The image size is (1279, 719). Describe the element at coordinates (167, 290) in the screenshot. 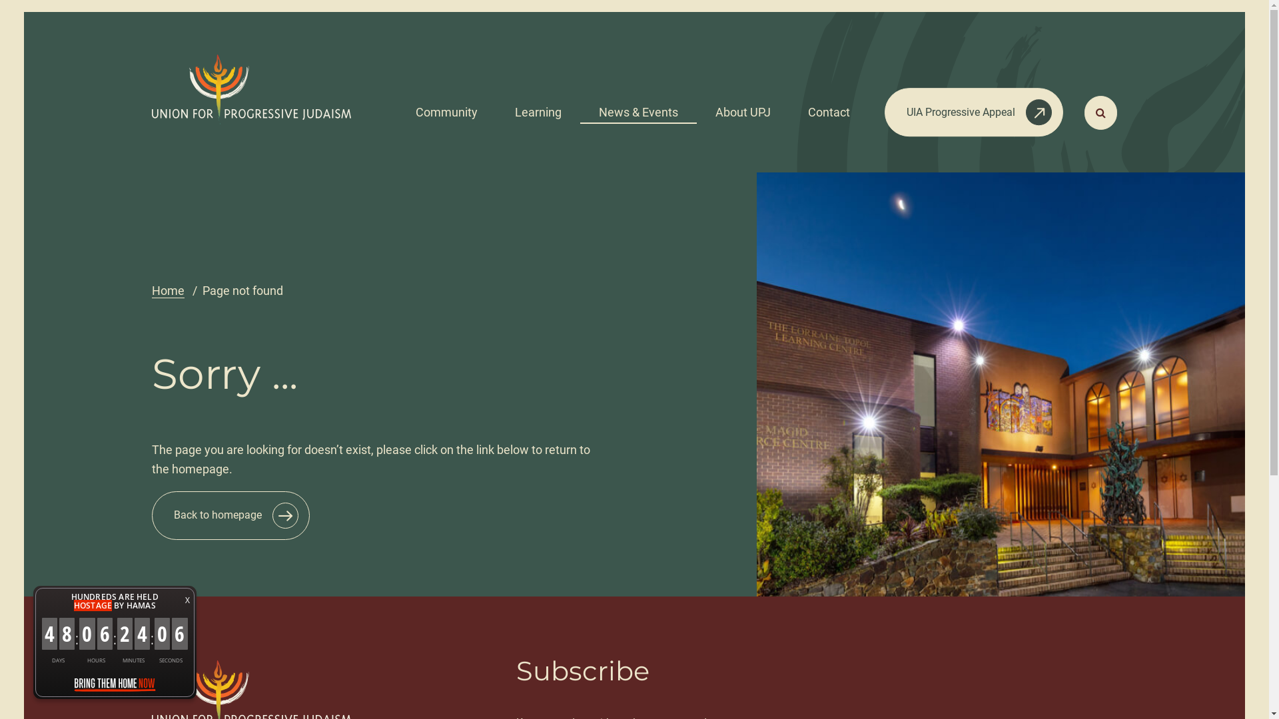

I see `'Home'` at that location.